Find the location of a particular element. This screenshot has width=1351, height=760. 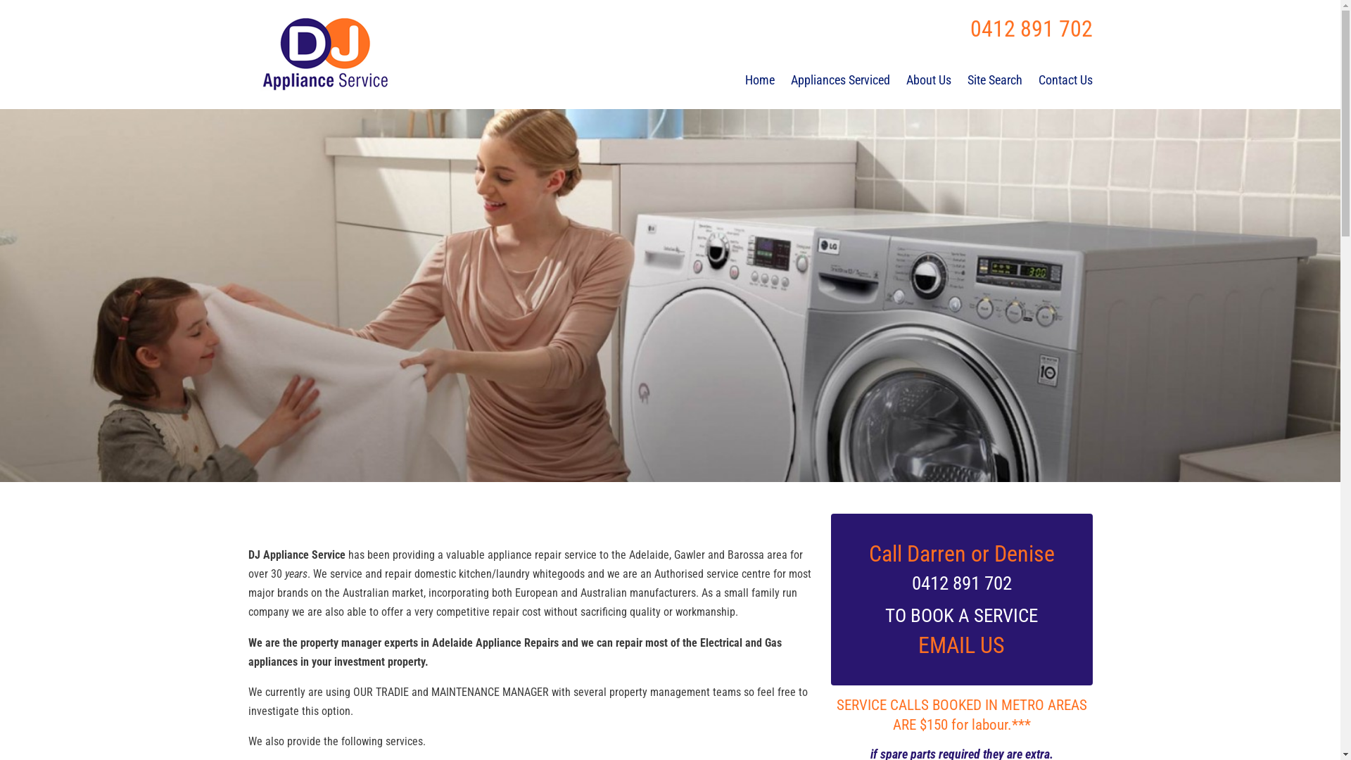

'0412 891 702' is located at coordinates (1030, 29).